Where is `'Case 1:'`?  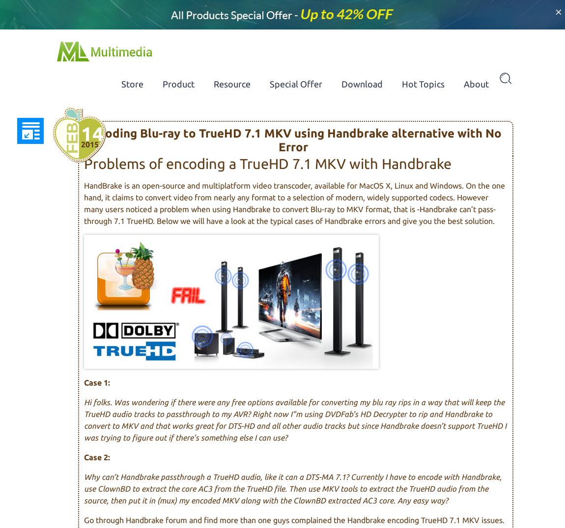 'Case 1:' is located at coordinates (96, 382).